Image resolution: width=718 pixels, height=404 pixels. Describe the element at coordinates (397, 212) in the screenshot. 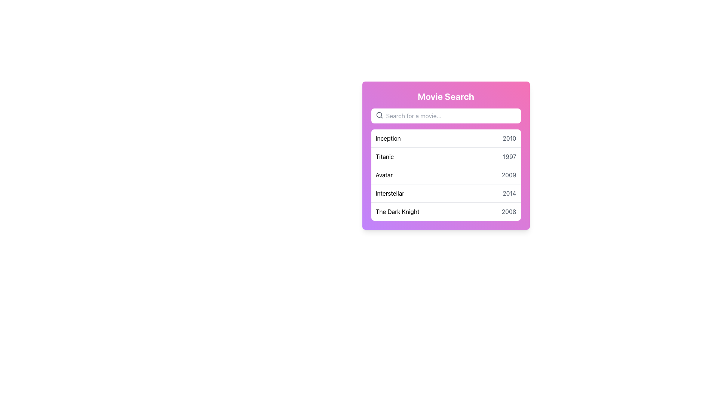

I see `the text label displaying the title of the movie located at the left part of the last row in the vertical list of search results` at that location.